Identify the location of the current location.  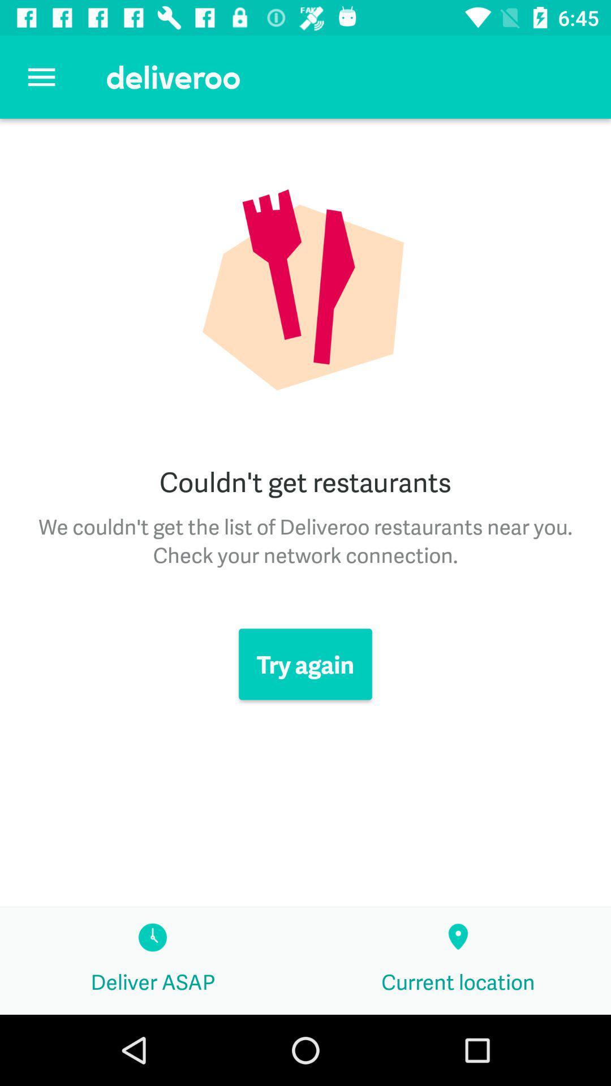
(458, 960).